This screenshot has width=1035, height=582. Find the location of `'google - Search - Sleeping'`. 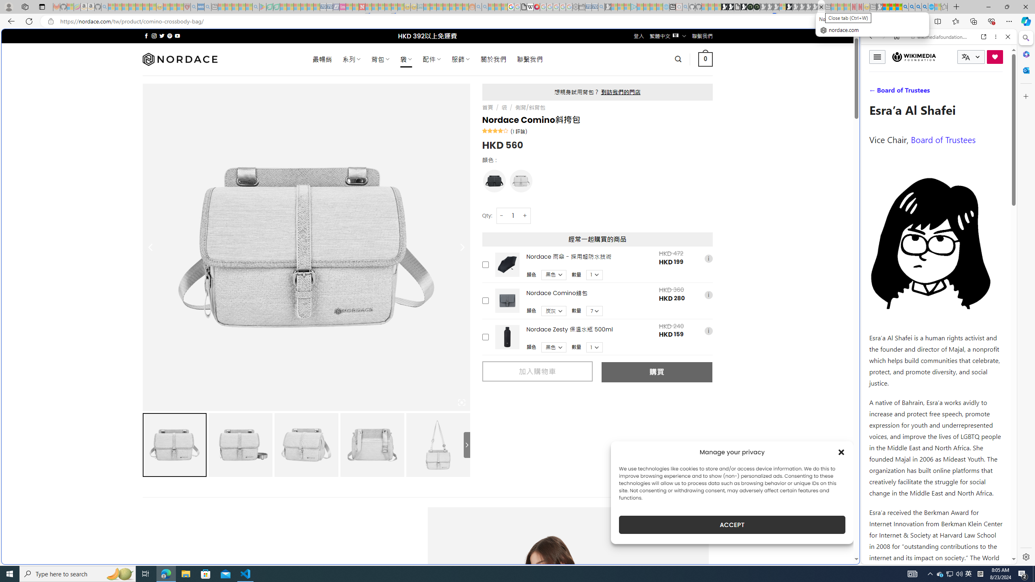

'google - Search - Sleeping' is located at coordinates (256, 6).